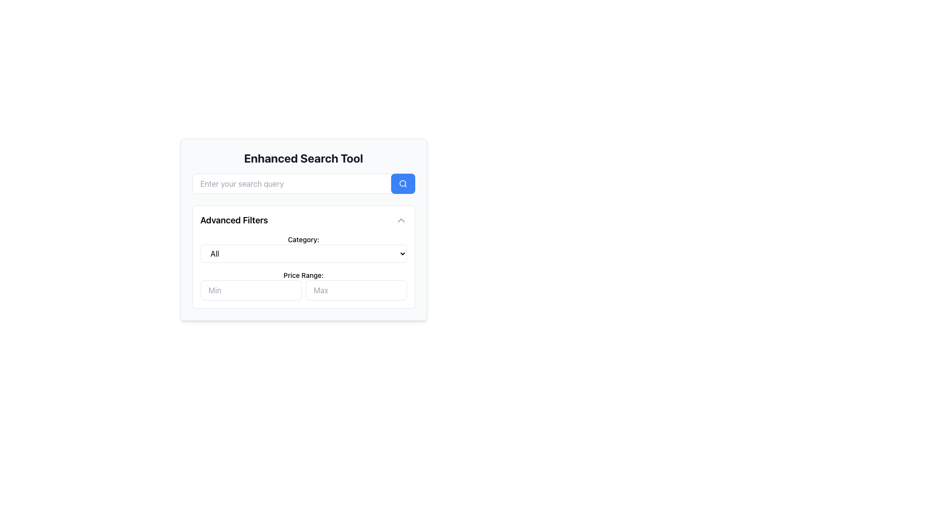  I want to click on the search icon located within the blue button on the right edge of the search bar, so click(403, 184).